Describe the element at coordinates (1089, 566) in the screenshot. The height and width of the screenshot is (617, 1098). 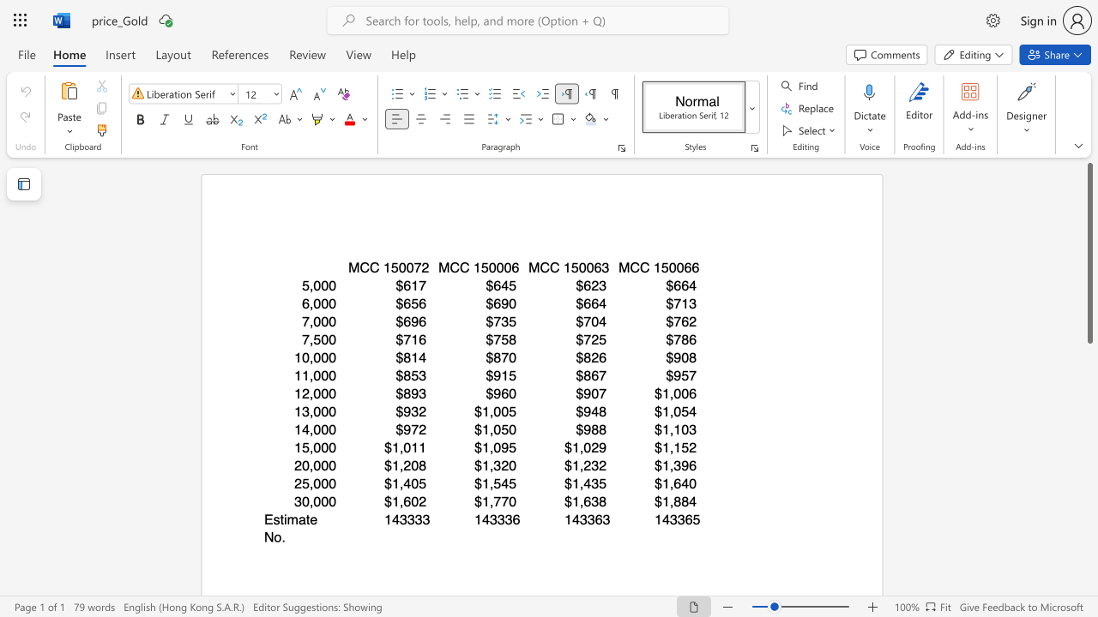
I see `the scrollbar to scroll downward` at that location.